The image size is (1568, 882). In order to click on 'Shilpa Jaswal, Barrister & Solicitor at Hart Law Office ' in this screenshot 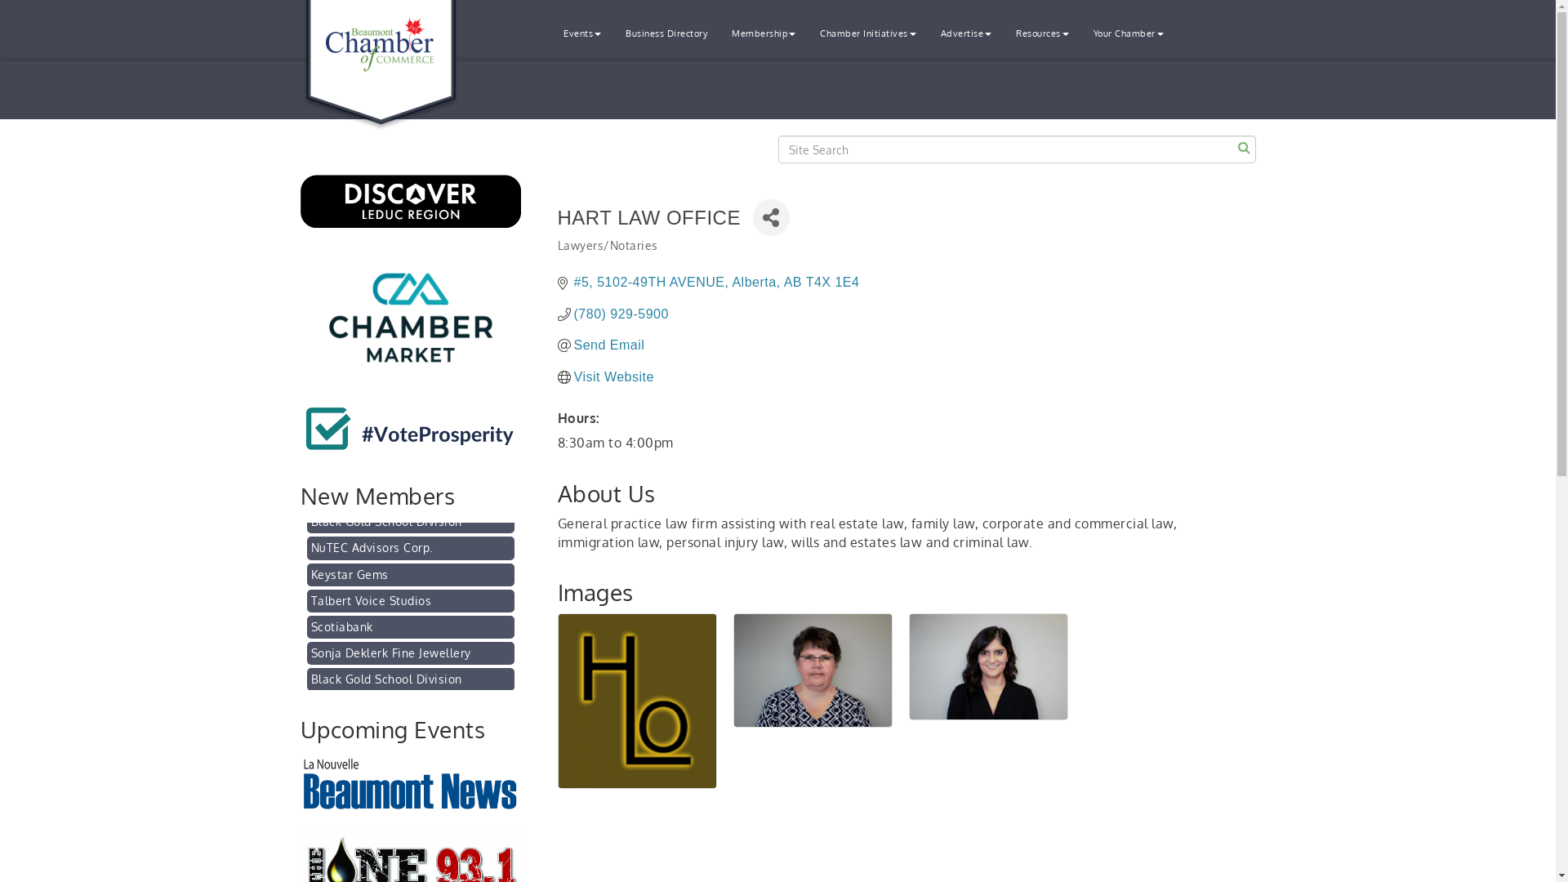, I will do `click(987, 666)`.